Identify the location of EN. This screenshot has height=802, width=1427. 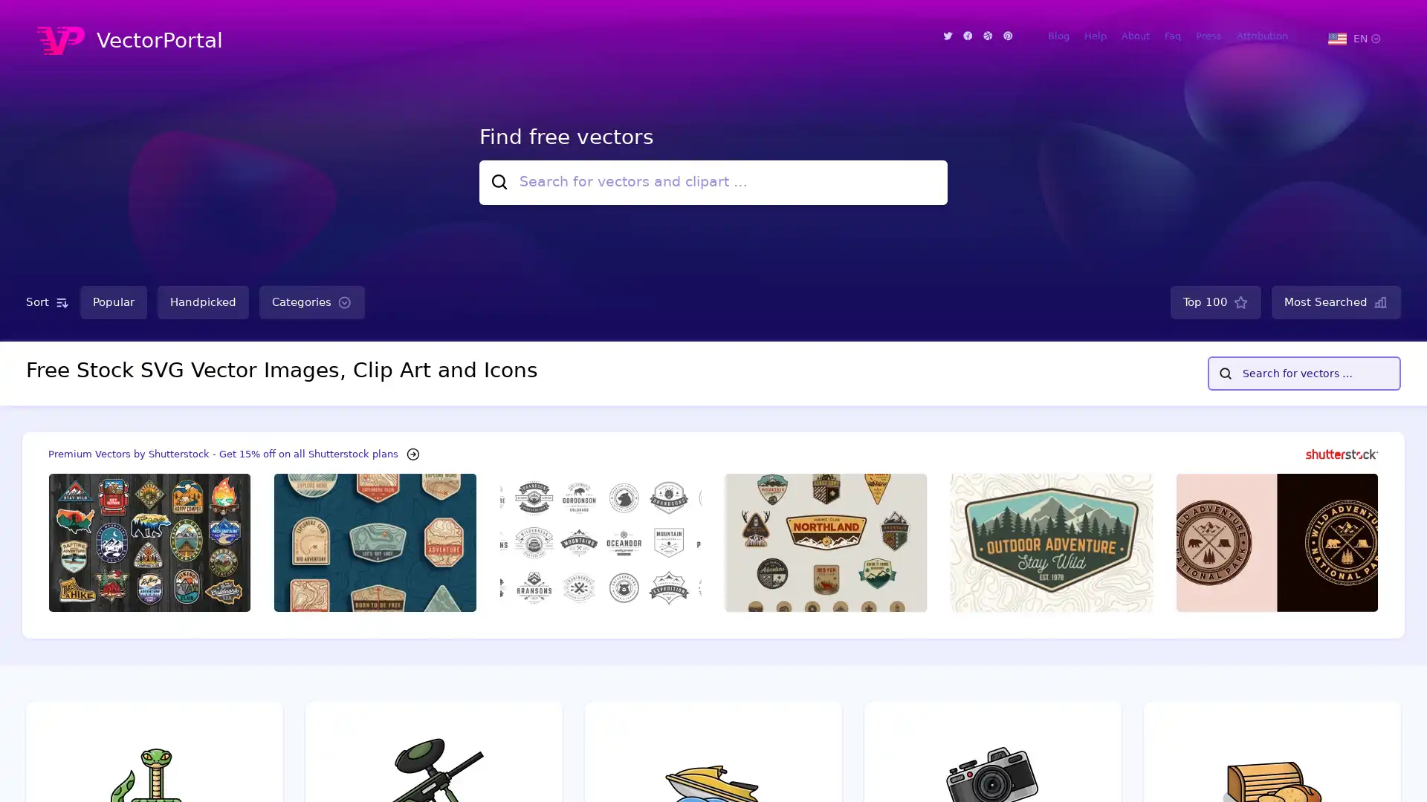
(1353, 37).